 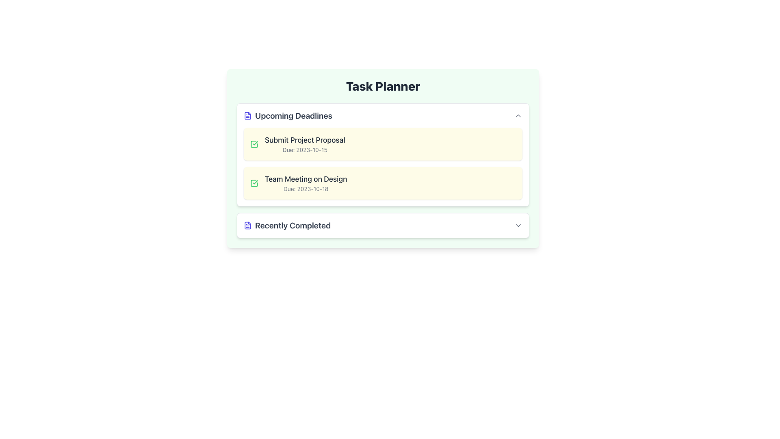 What do you see at coordinates (287, 226) in the screenshot?
I see `the 'Recently Completed' label with icon, which features bold text in dark gray and a purple document icon, located beneath the 'Upcoming Deadlines' section in the task planner interface` at bounding box center [287, 226].